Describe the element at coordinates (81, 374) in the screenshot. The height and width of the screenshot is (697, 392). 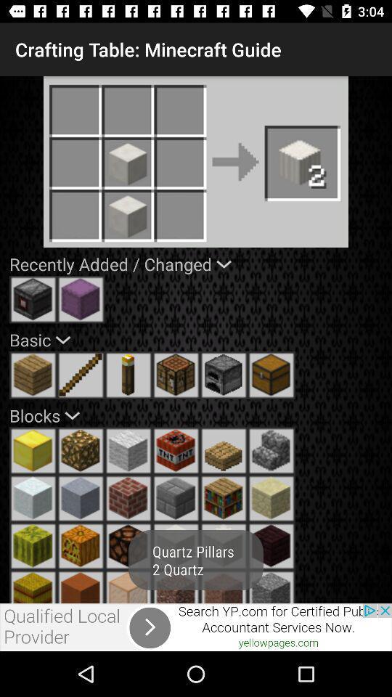
I see `element` at that location.